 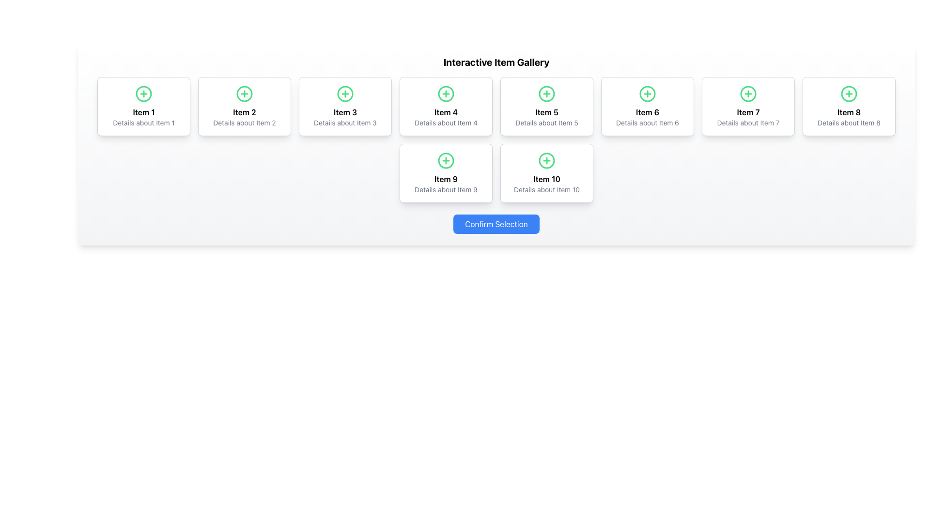 What do you see at coordinates (748, 111) in the screenshot?
I see `text label 'Item 7' located in the seventh card of the second row within a grid of cards` at bounding box center [748, 111].